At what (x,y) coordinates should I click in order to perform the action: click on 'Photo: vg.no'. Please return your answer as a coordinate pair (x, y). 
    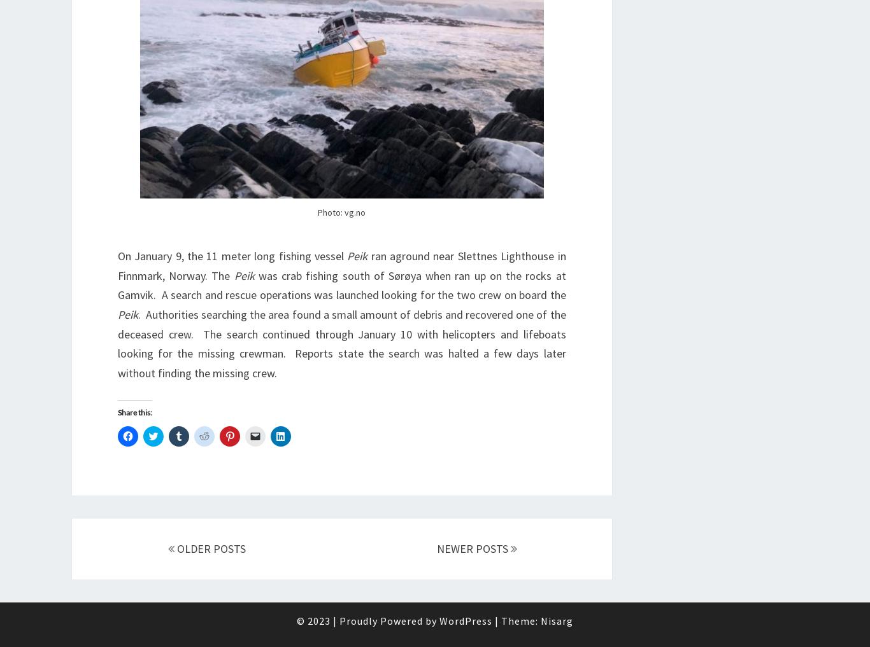
    Looking at the image, I should click on (341, 212).